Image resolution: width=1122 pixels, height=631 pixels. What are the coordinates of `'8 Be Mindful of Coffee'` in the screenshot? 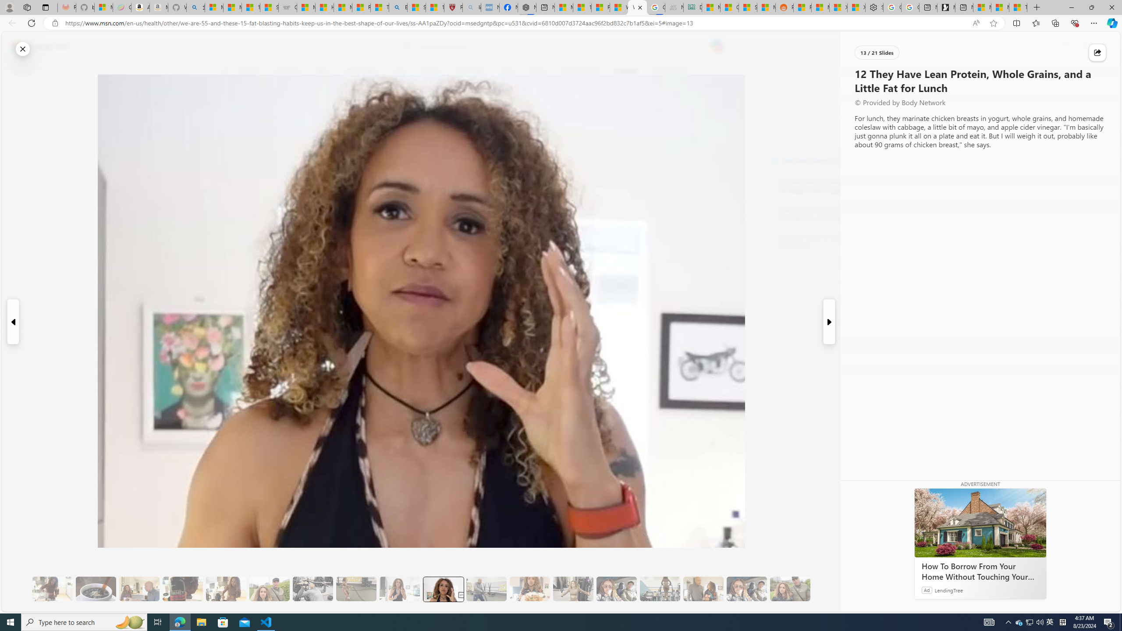 It's located at (95, 589).